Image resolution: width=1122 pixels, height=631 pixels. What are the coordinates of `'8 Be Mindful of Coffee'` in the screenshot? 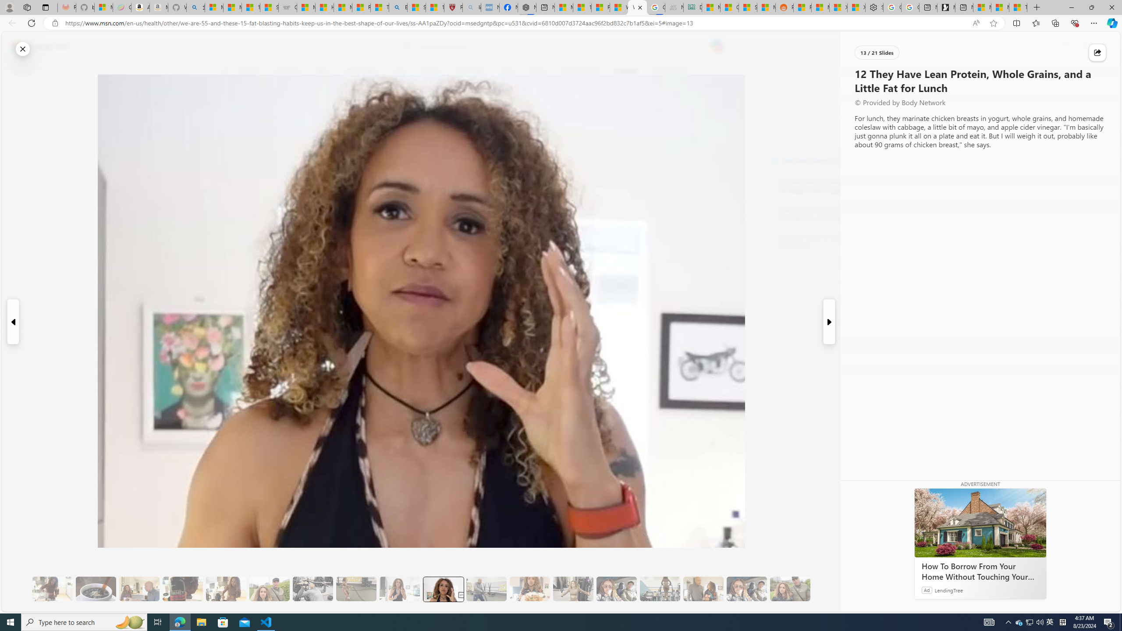 It's located at (95, 589).